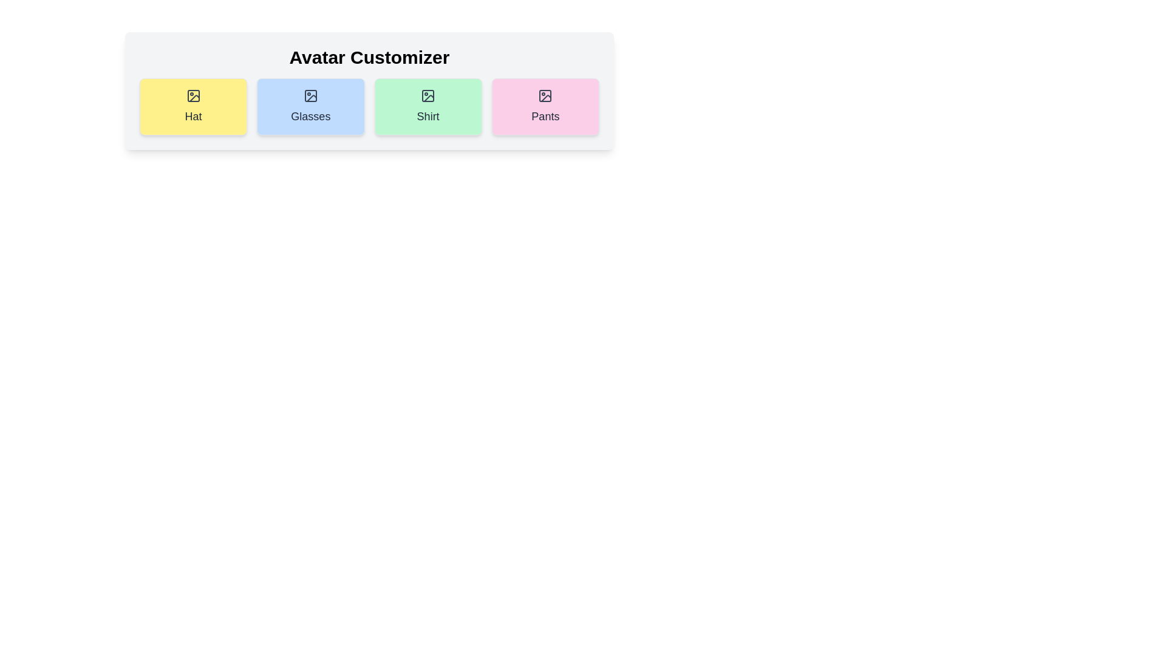 This screenshot has height=656, width=1166. Describe the element at coordinates (428, 117) in the screenshot. I see `label displaying the word 'Shirt' in a large gray font, located in the third column under 'Avatar Customizer'` at that location.